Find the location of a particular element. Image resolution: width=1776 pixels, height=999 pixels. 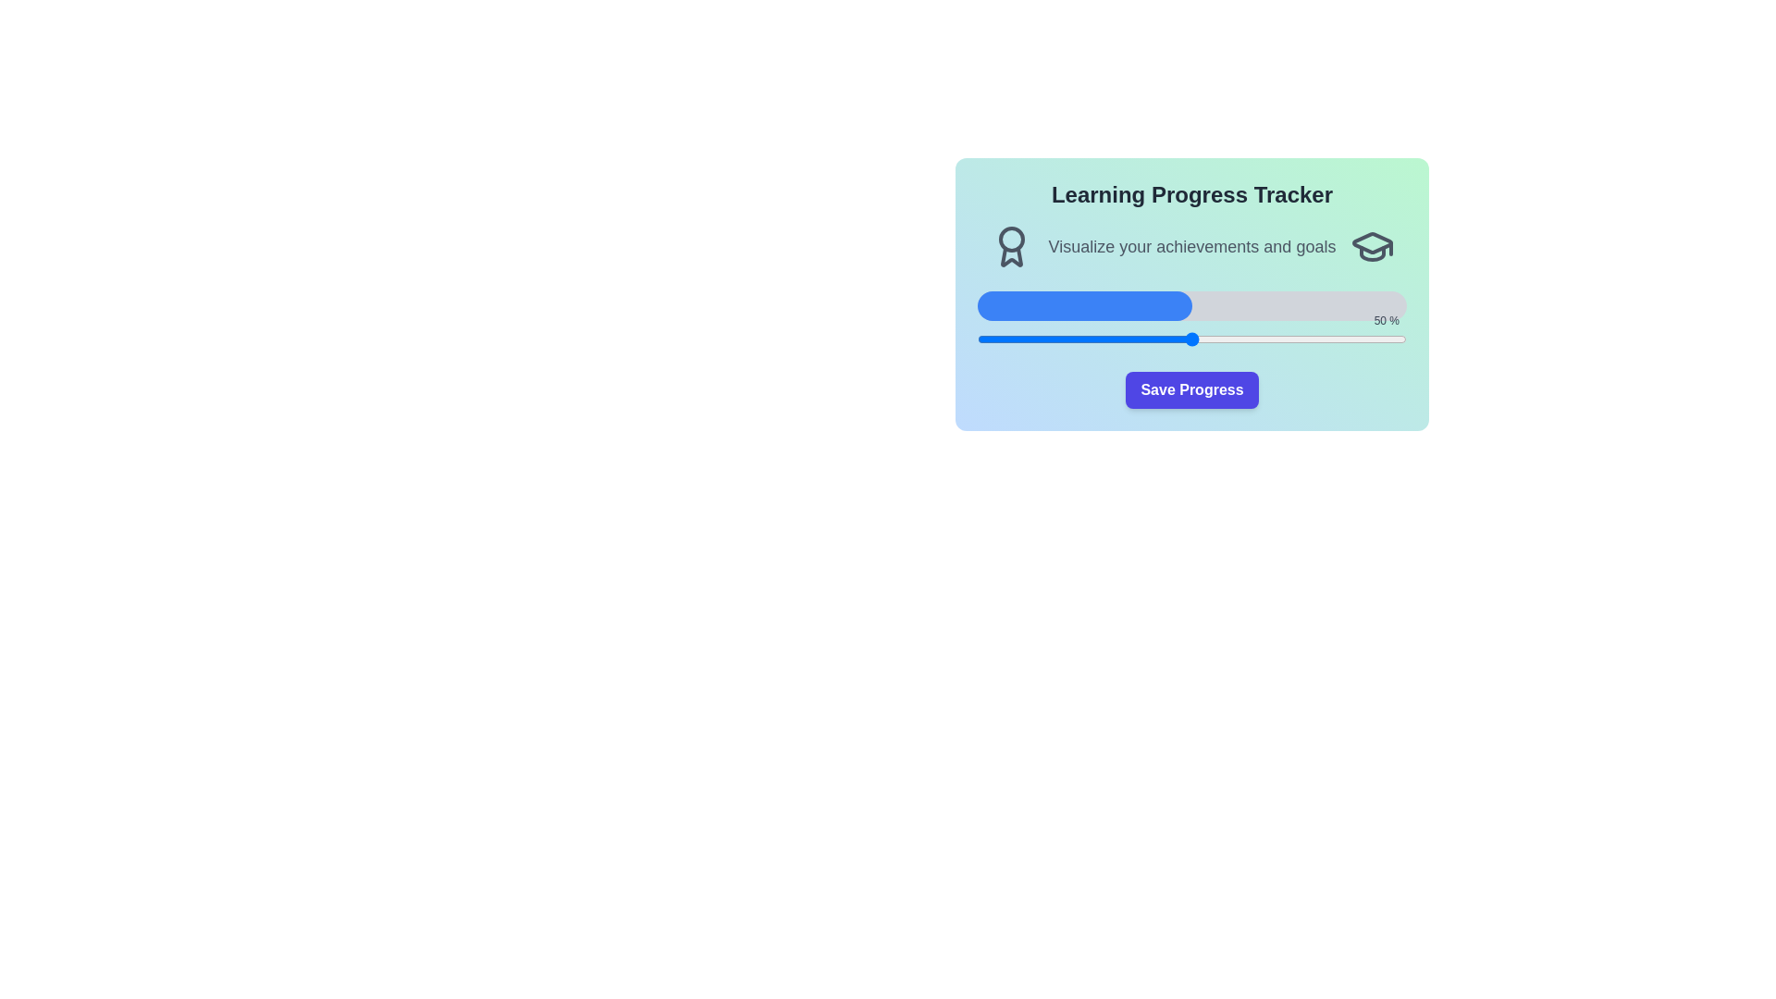

the progress slider to 48% is located at coordinates (1182, 339).